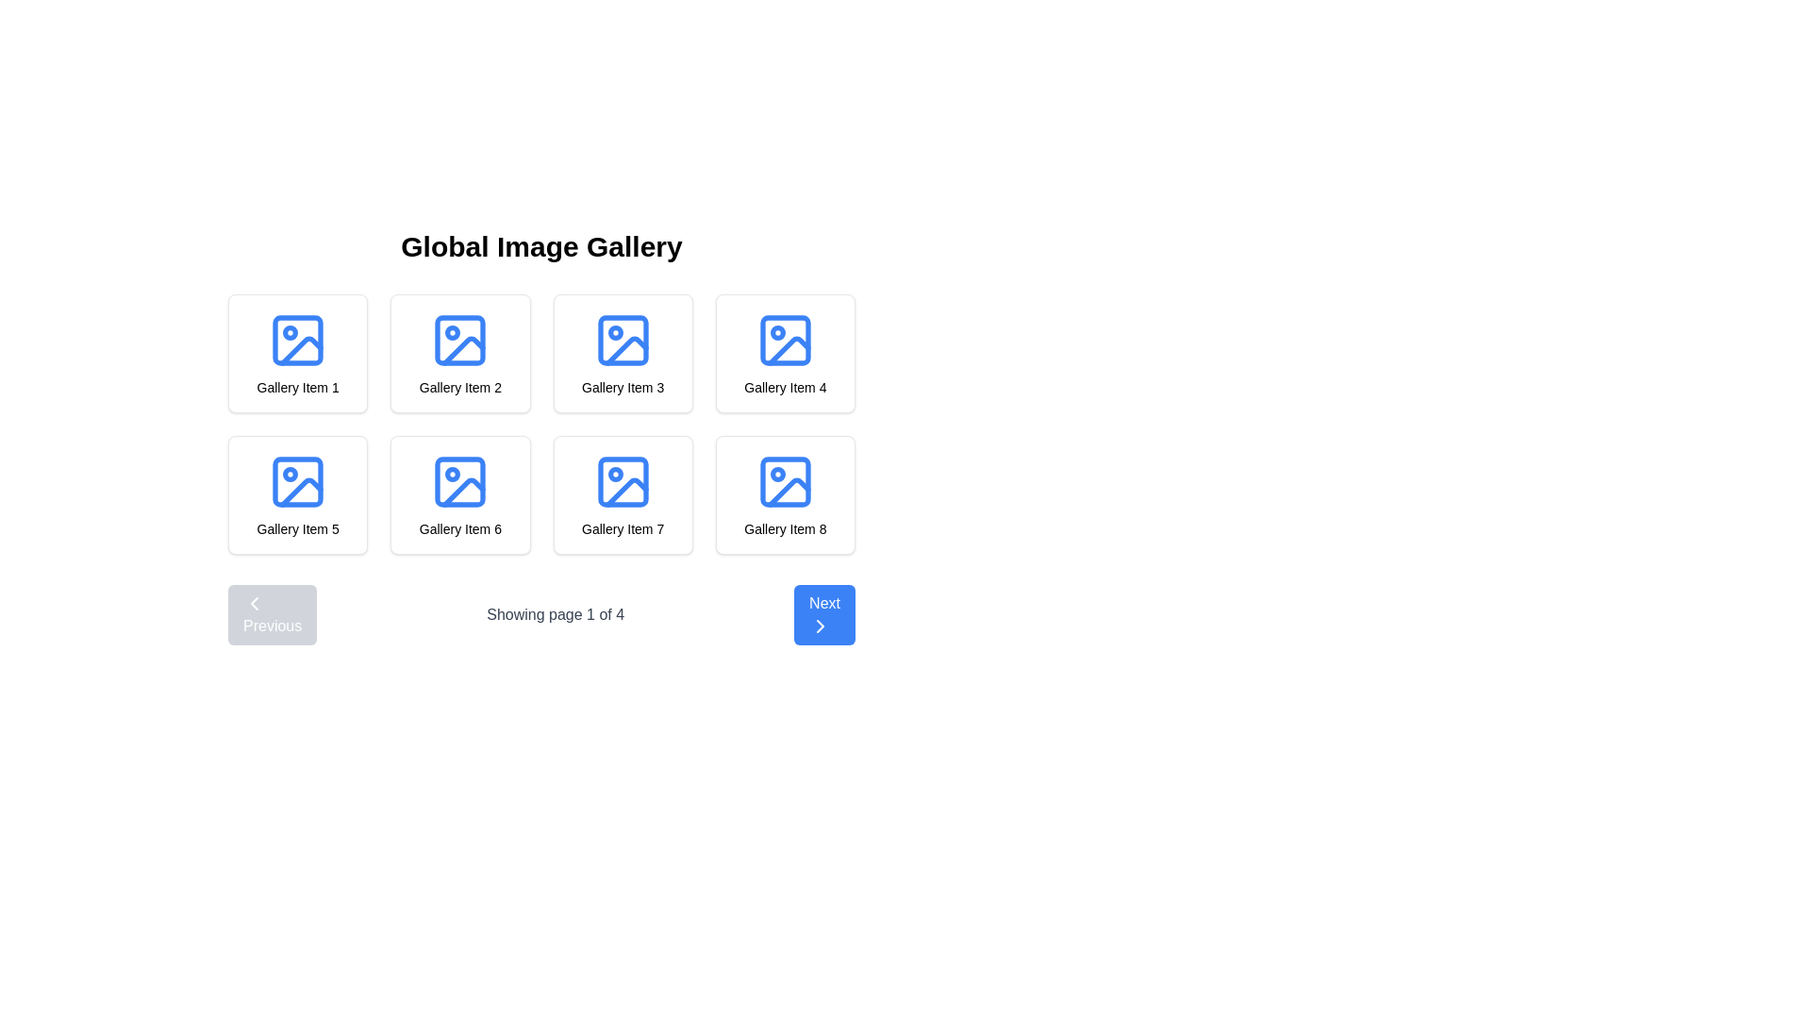  What do you see at coordinates (297, 353) in the screenshot?
I see `the Gallery item card labeled 'Gallery Item 1', which has a blue image placeholder icon and is located at the top-left corner of the grid` at bounding box center [297, 353].